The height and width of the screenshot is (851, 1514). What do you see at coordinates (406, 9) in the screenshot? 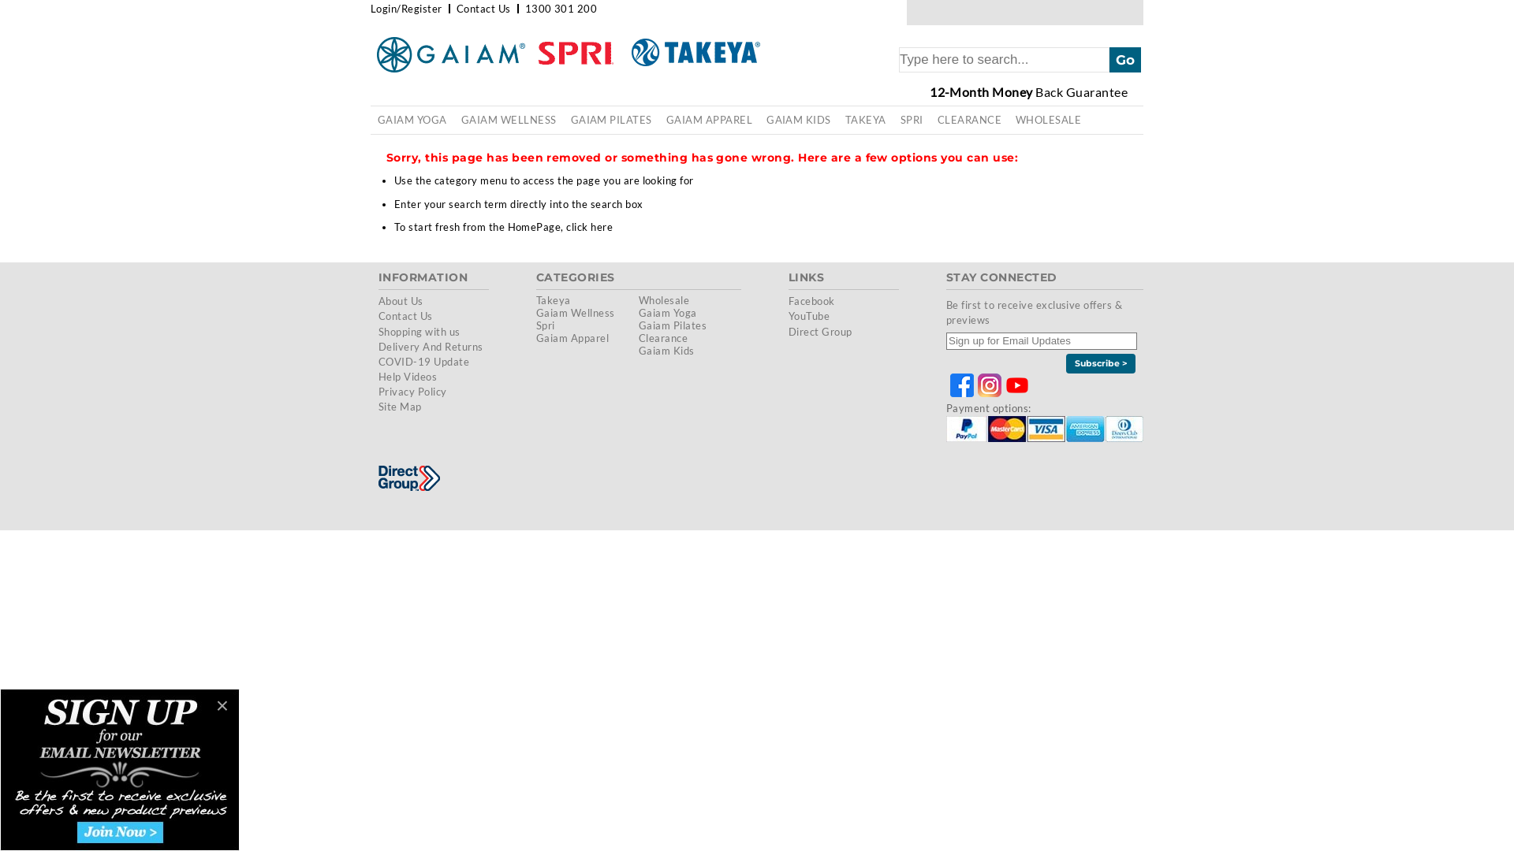
I see `'Login/Register'` at bounding box center [406, 9].